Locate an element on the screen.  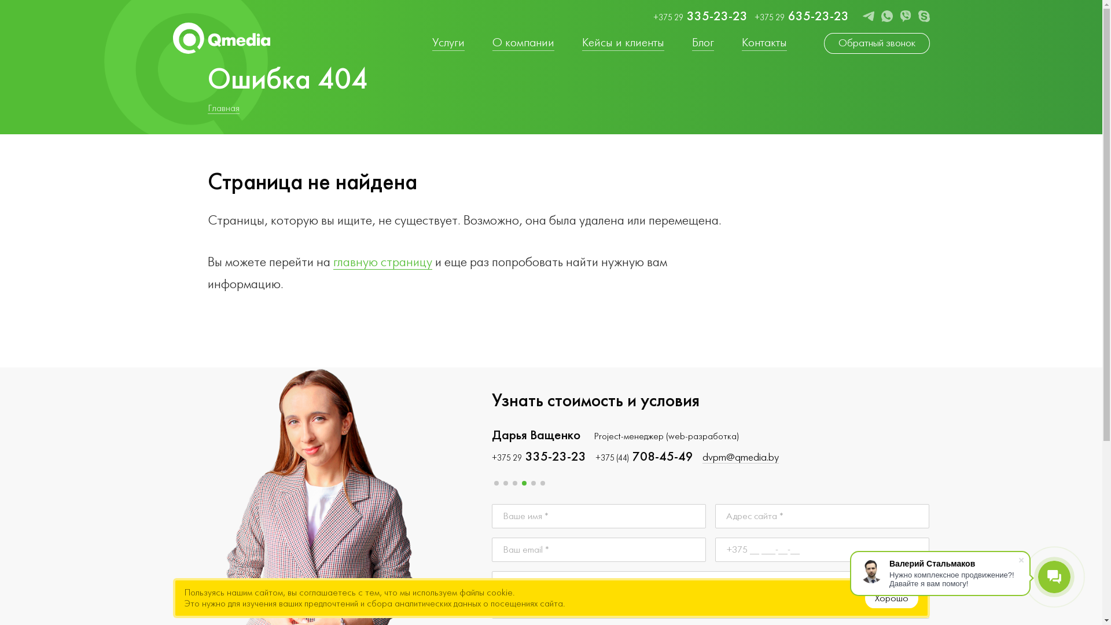
'+375 29 635-23-23' is located at coordinates (801, 17).